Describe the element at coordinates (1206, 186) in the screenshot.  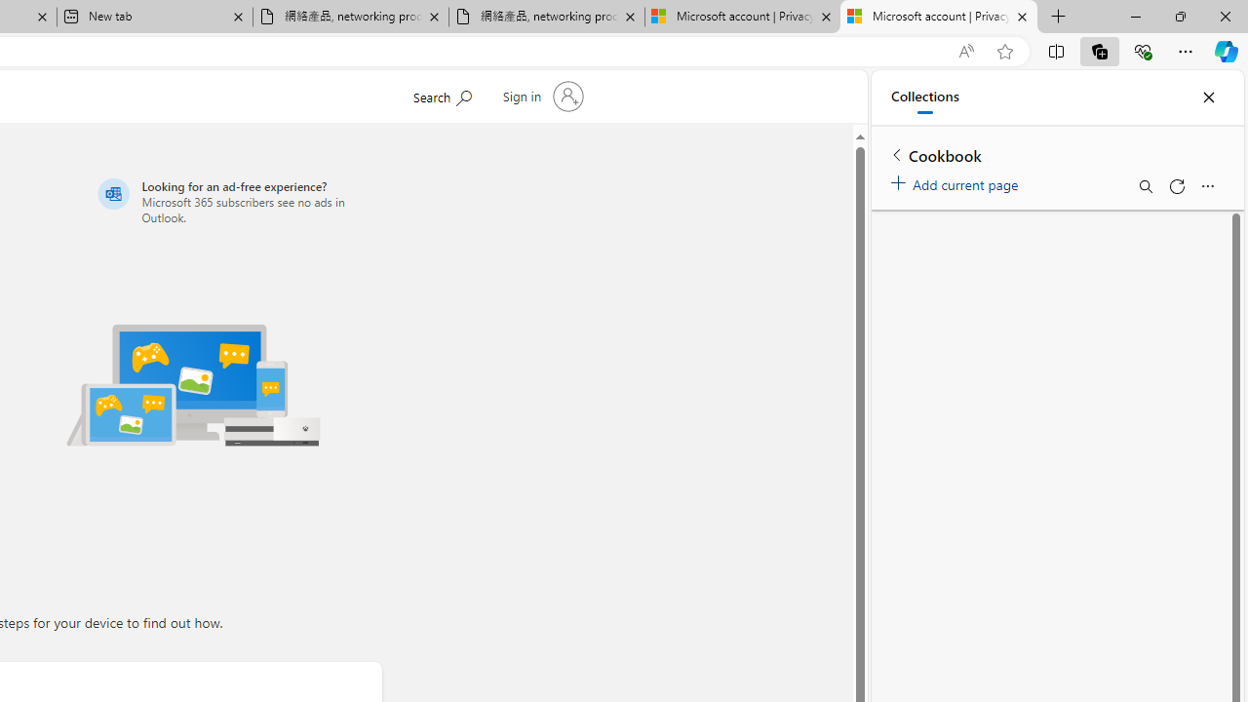
I see `'More options menu'` at that location.